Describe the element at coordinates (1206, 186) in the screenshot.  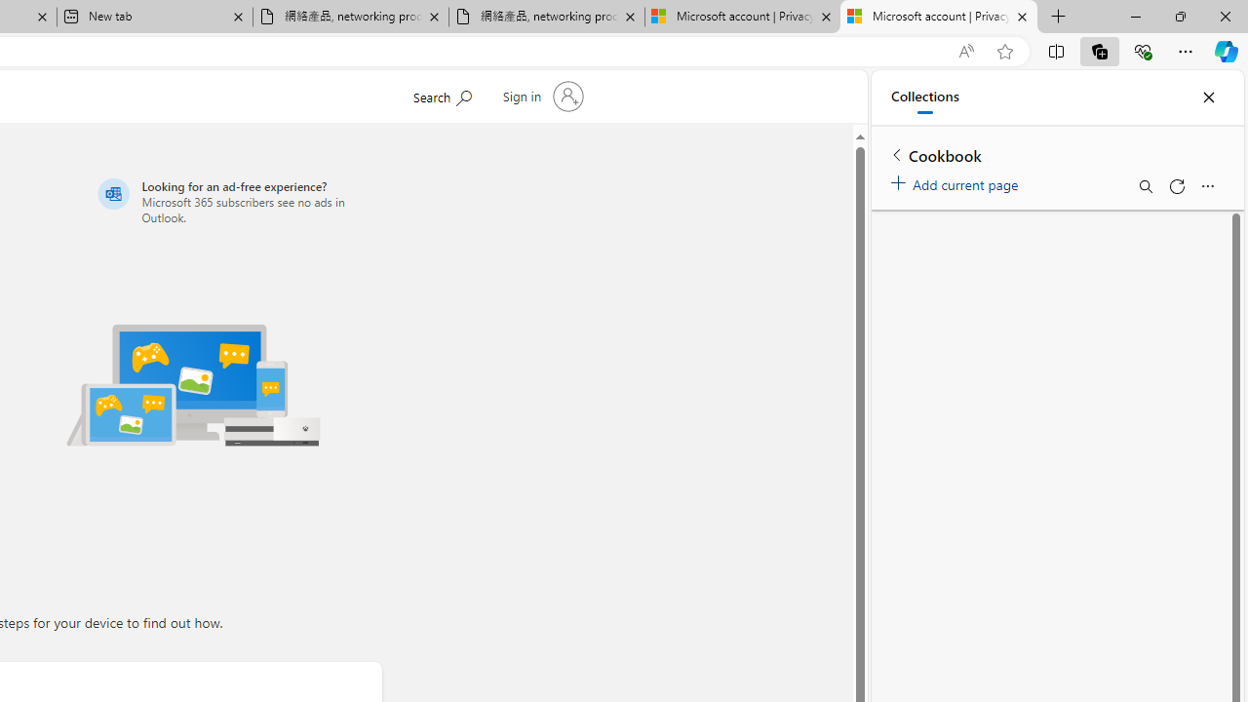
I see `'More options menu'` at that location.